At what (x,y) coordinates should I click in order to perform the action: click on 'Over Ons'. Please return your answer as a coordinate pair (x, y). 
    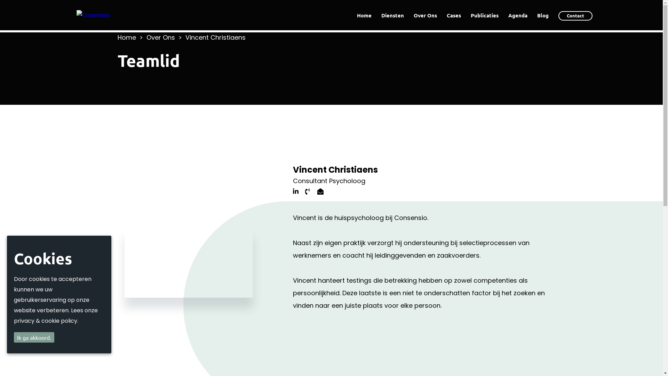
    Looking at the image, I should click on (425, 15).